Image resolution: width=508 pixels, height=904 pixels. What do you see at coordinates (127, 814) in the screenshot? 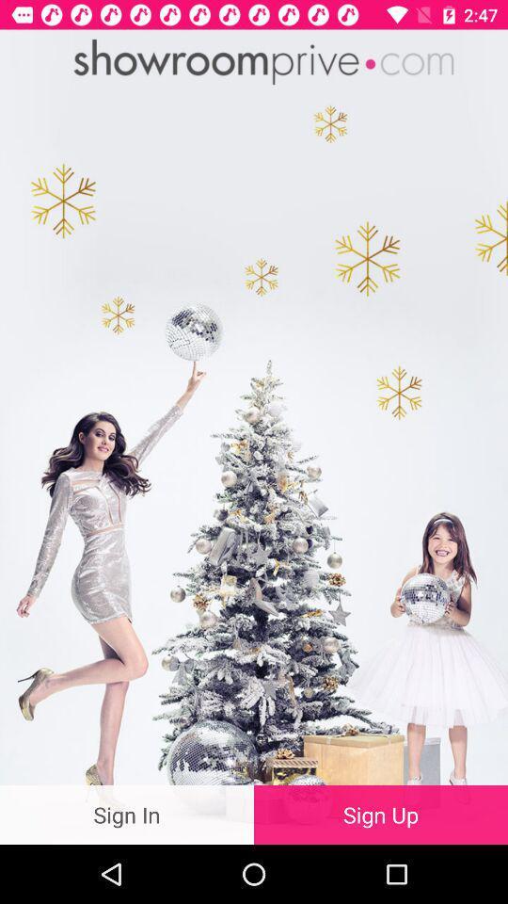
I see `the icon to the left of the sign up item` at bounding box center [127, 814].